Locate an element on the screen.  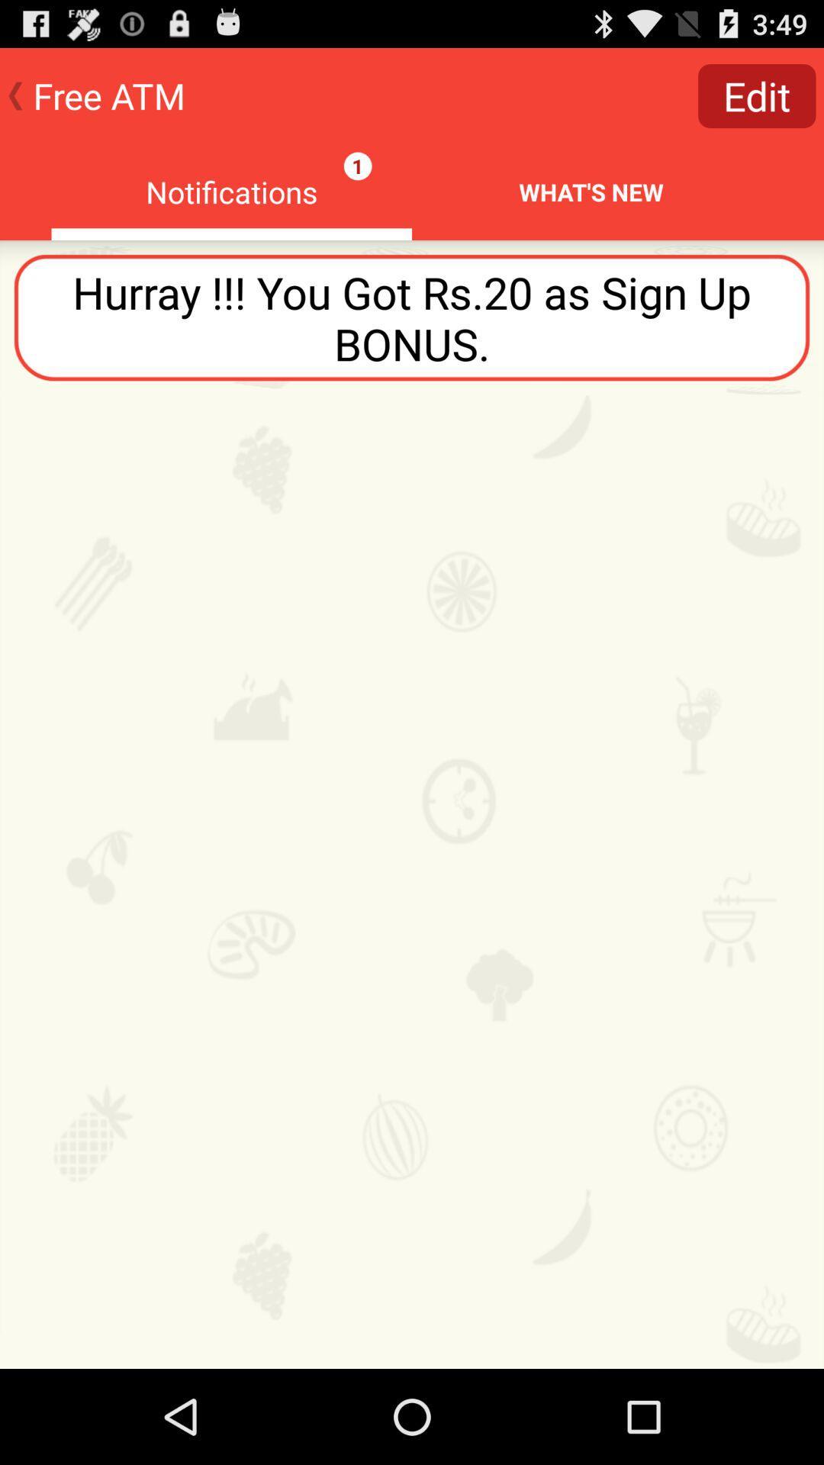
the    edit    button is located at coordinates (757, 95).